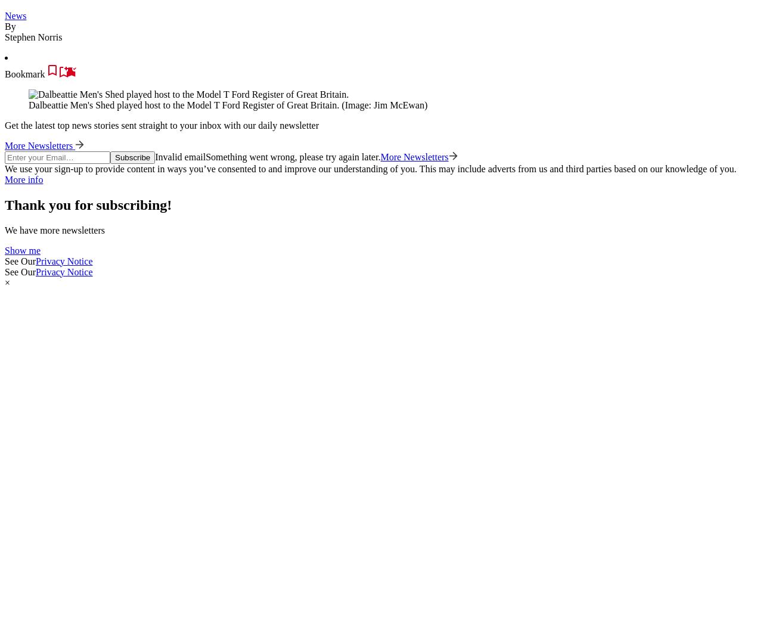 The image size is (763, 621). Describe the element at coordinates (154, 156) in the screenshot. I see `'Invalid email'` at that location.